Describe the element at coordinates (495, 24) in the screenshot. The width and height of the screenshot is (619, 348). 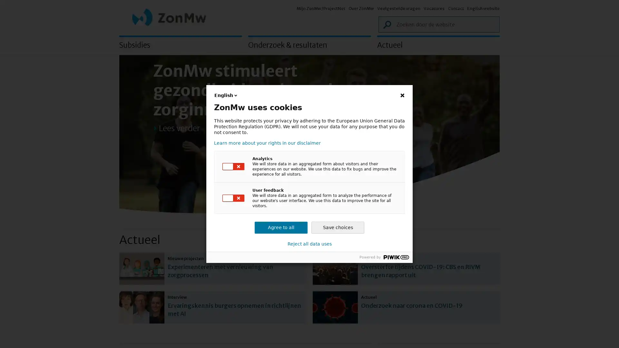
I see `Zoek` at that location.